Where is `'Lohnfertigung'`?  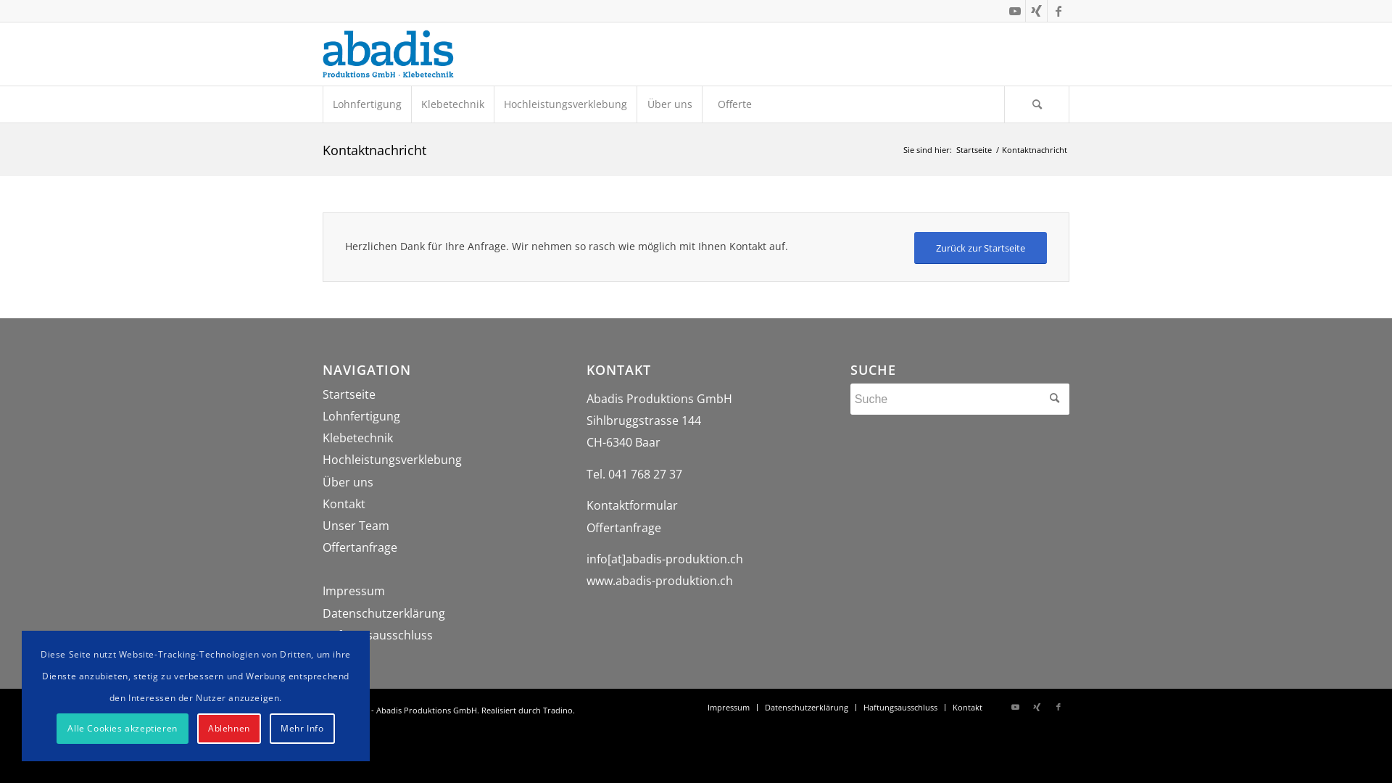 'Lohnfertigung' is located at coordinates (322, 416).